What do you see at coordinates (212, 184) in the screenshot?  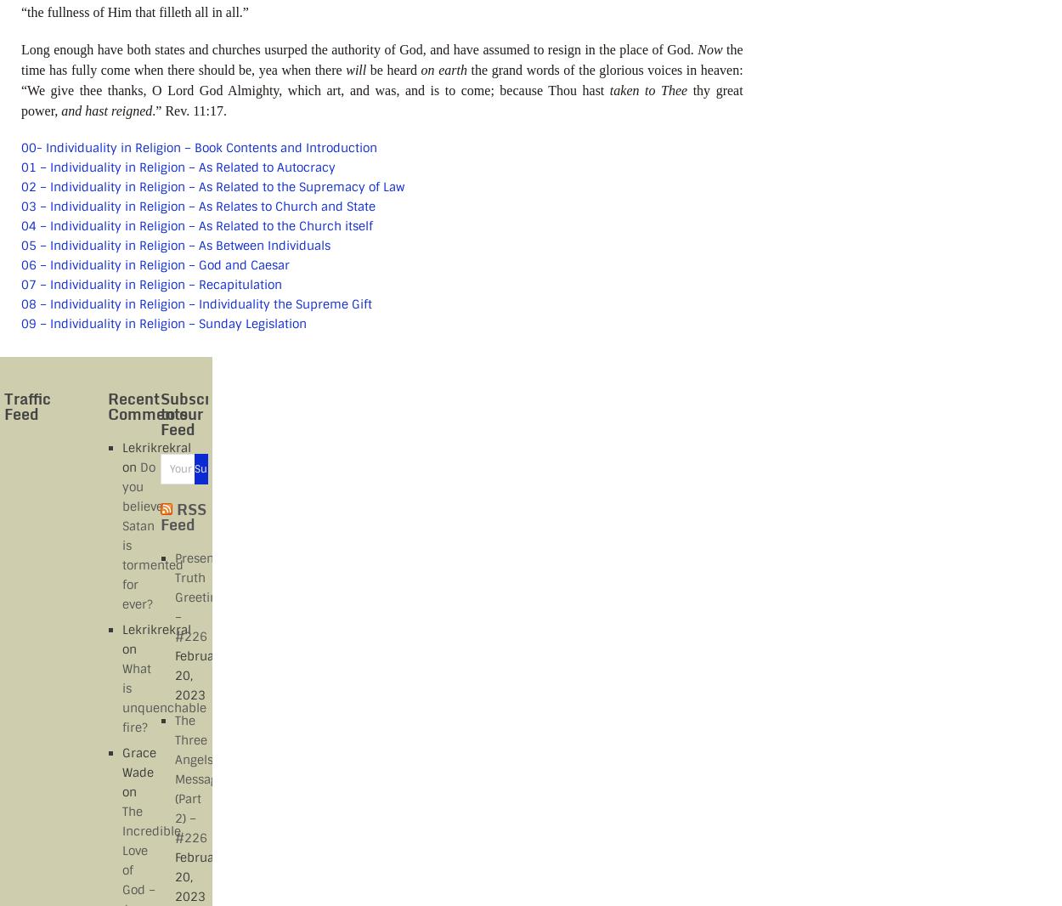 I see `'02 – Individuality in Religion – As Related to the Supremacy of Law'` at bounding box center [212, 184].